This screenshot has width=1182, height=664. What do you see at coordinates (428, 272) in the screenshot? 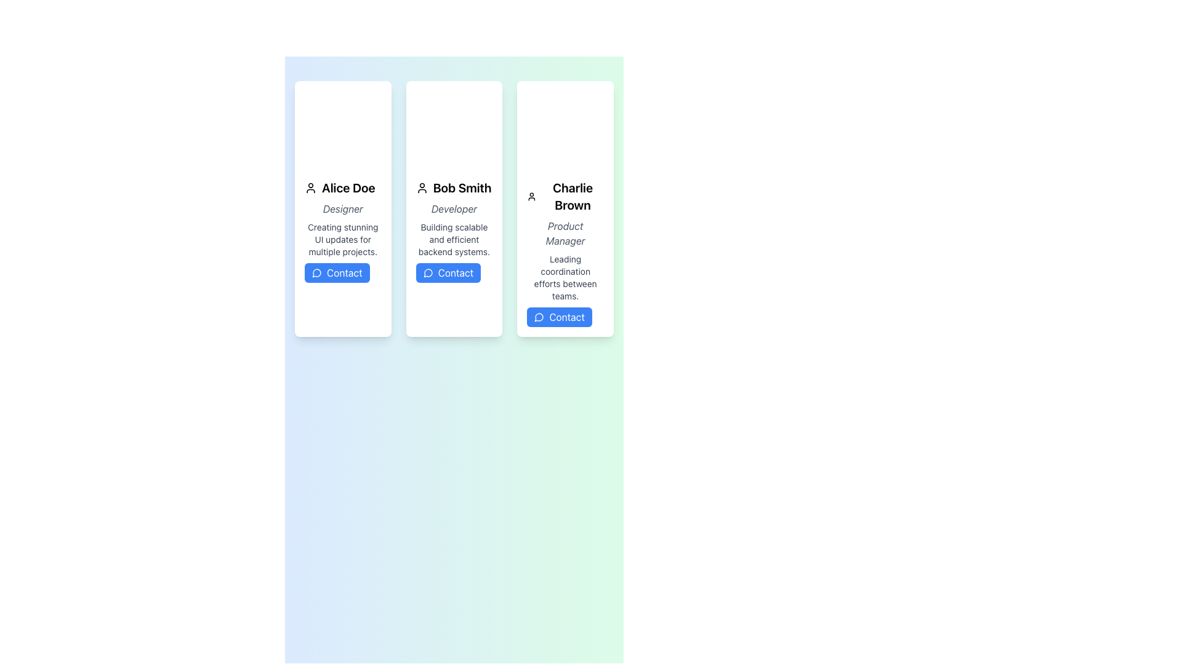
I see `the circular speech bubble icon above the 'Contact' button, which is to the left of the user's name 'Bob Smith'` at bounding box center [428, 272].